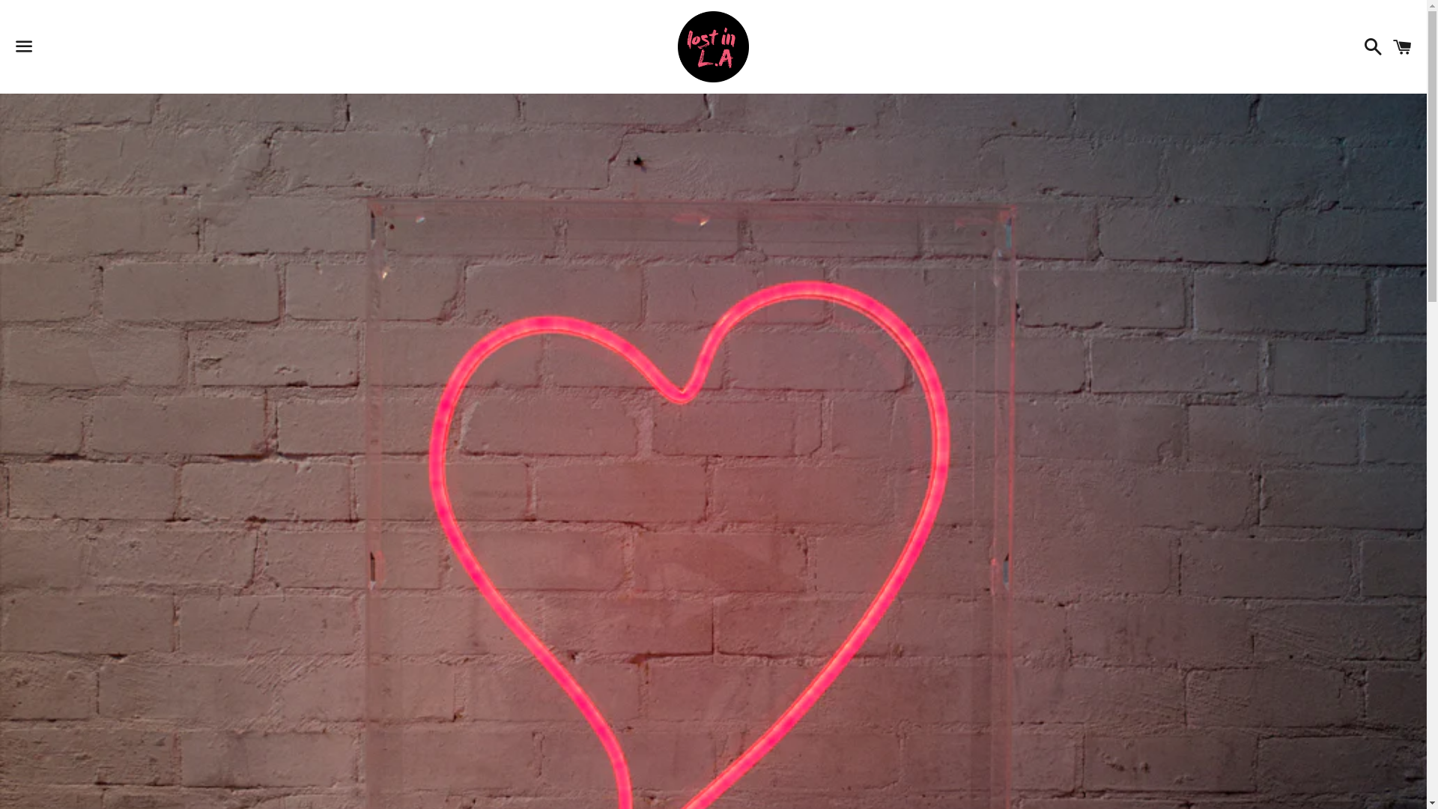 Image resolution: width=1438 pixels, height=809 pixels. I want to click on 'Menu', so click(24, 46).